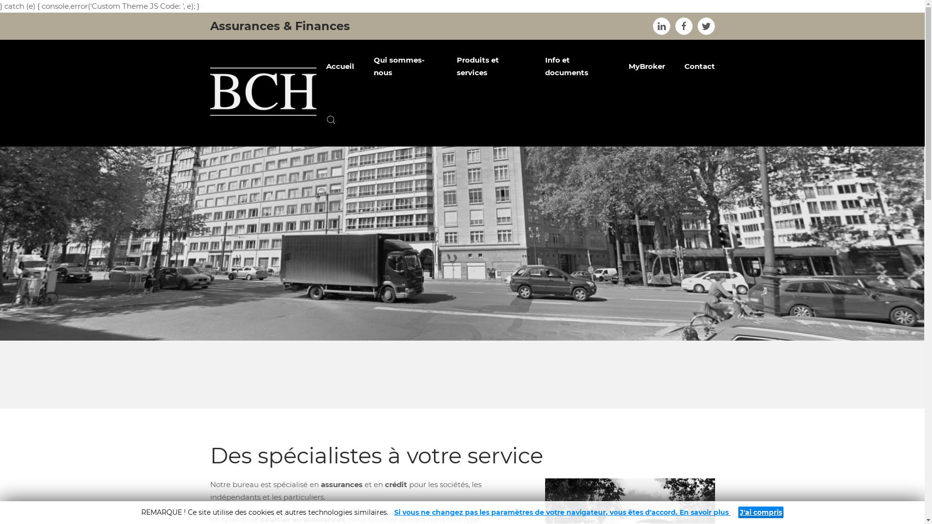  What do you see at coordinates (674, 66) in the screenshot?
I see `'Contact'` at bounding box center [674, 66].